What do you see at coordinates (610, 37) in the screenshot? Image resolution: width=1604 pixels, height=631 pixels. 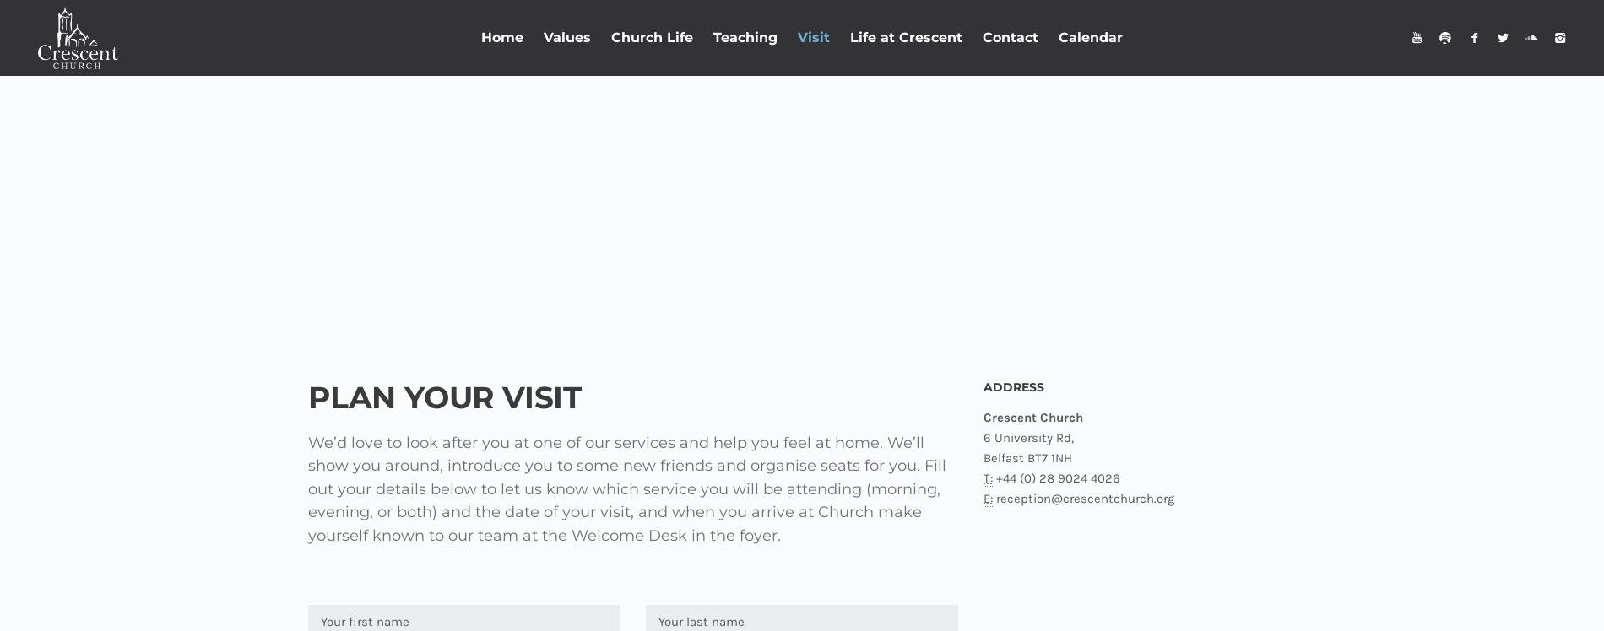 I see `'Church Life'` at bounding box center [610, 37].